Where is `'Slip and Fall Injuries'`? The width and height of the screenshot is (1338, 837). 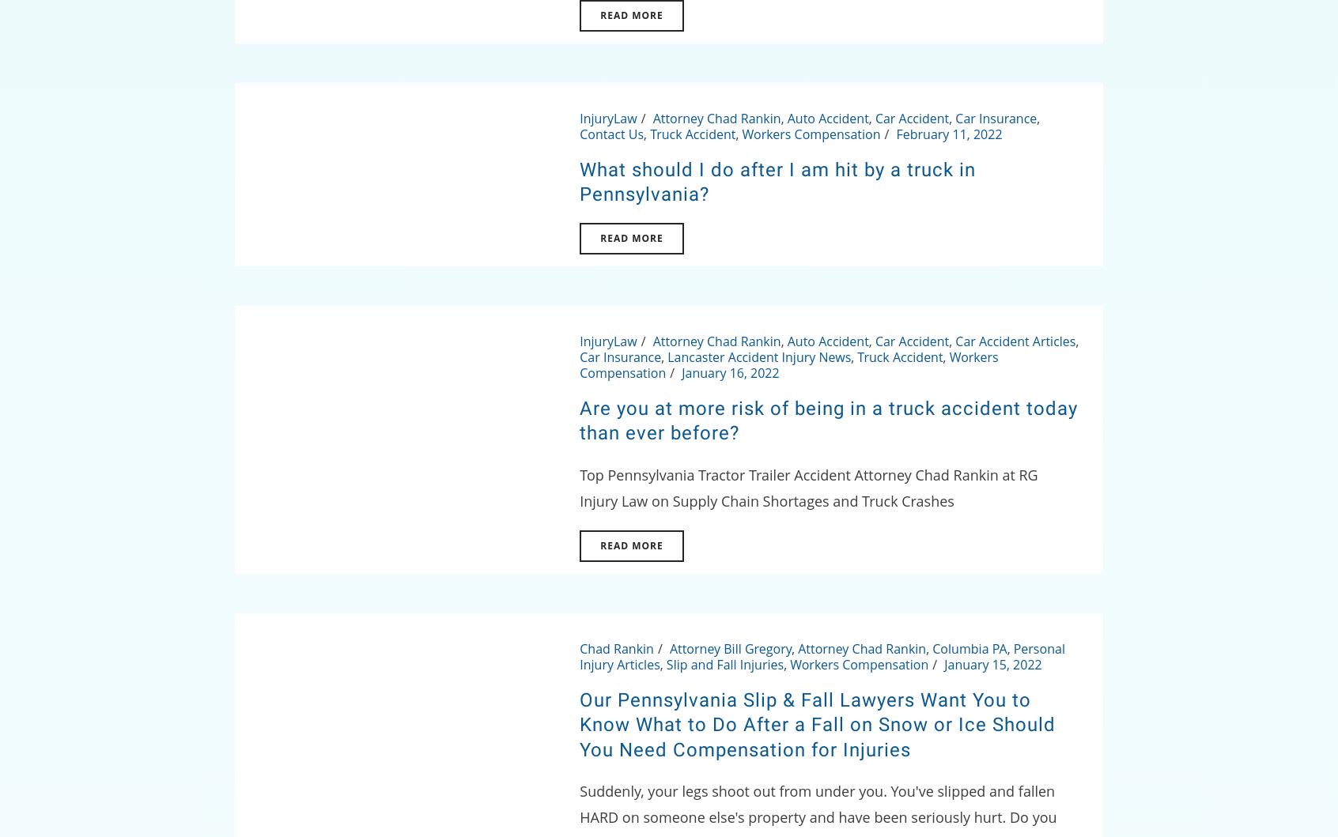 'Slip and Fall Injuries' is located at coordinates (665, 663).